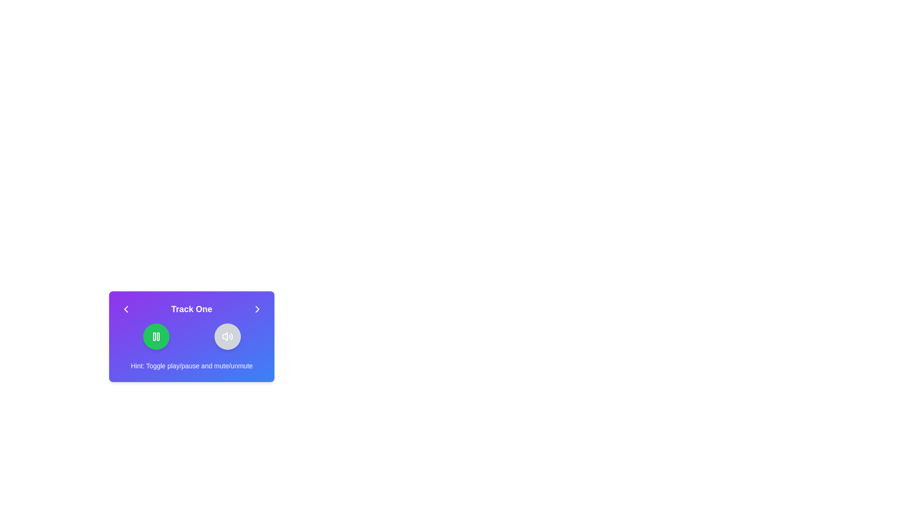 This screenshot has width=907, height=510. I want to click on the sound control icon resembling a megaphone located to the right of the track name and play button, so click(224, 336).